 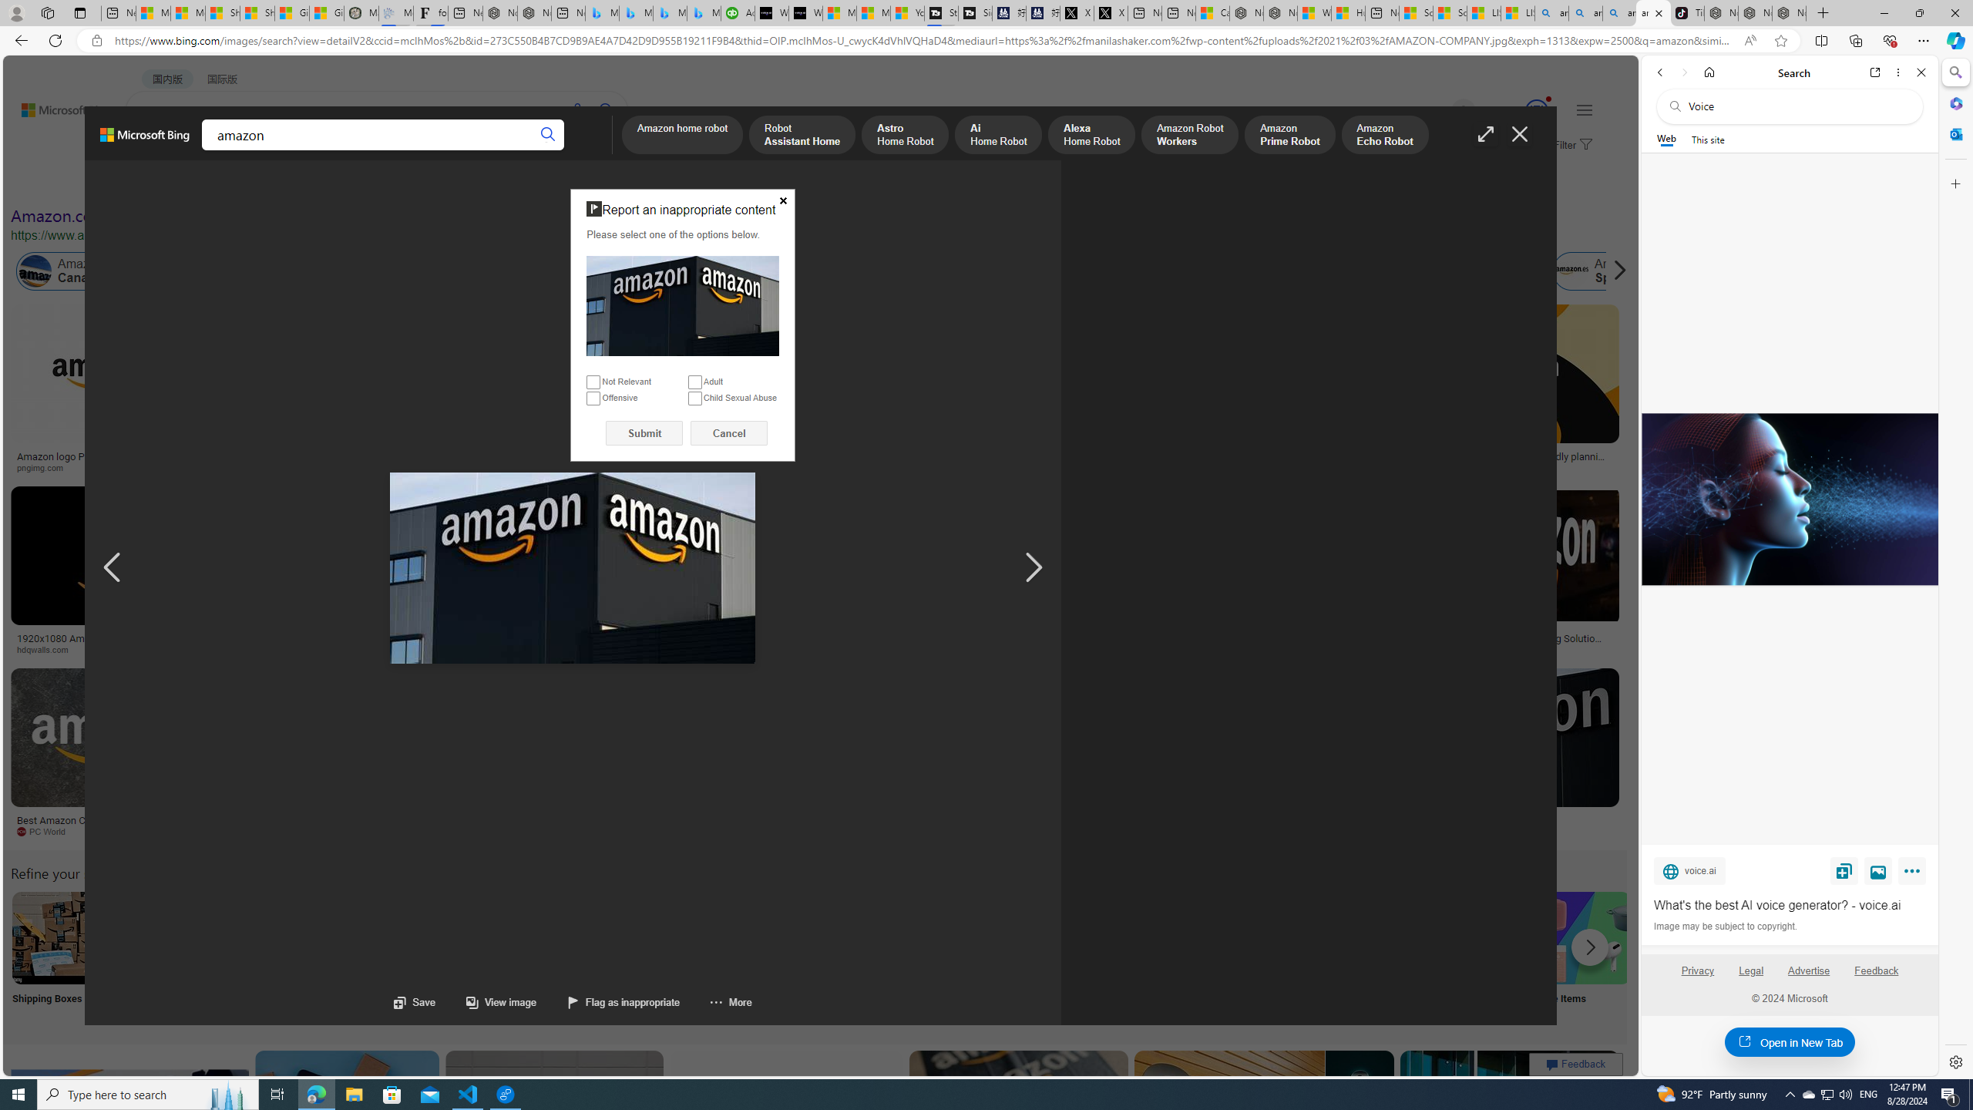 What do you see at coordinates (88, 271) in the screenshot?
I see `'Amazon Canada Online'` at bounding box center [88, 271].